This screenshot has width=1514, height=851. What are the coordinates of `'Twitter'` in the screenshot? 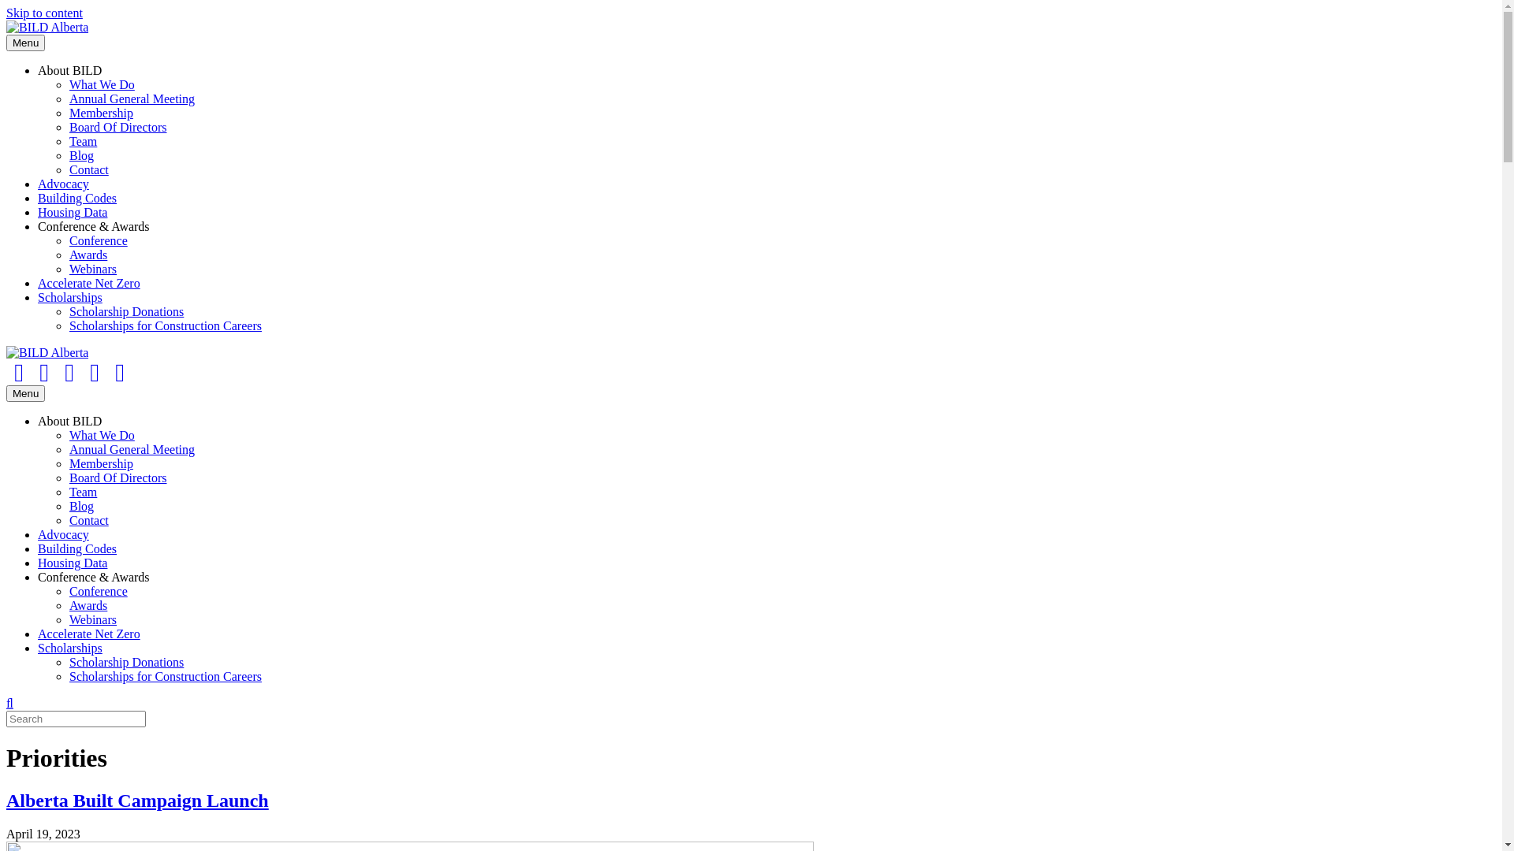 It's located at (44, 373).